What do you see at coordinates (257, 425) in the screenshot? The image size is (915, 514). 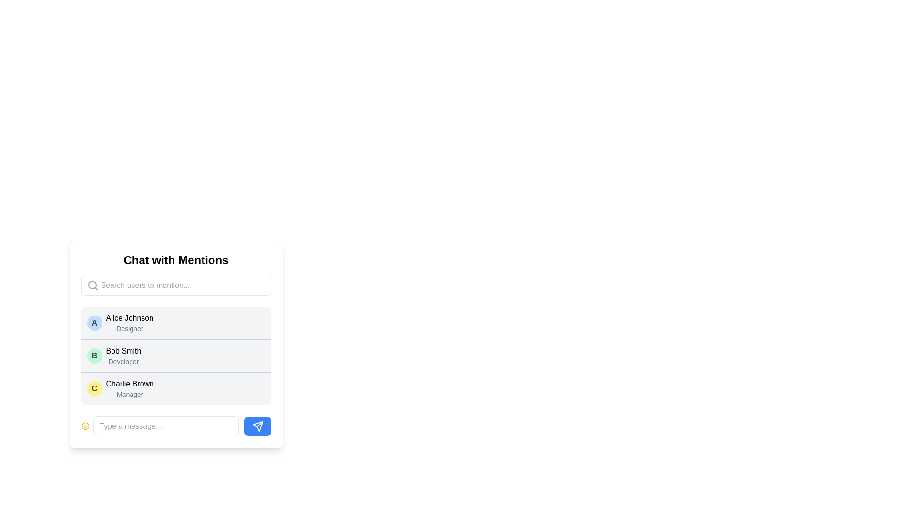 I see `the graphic component of the 'Send' icon located at the bottom-right corner of the interface, inside the blue button adjacent to the text input box` at bounding box center [257, 425].